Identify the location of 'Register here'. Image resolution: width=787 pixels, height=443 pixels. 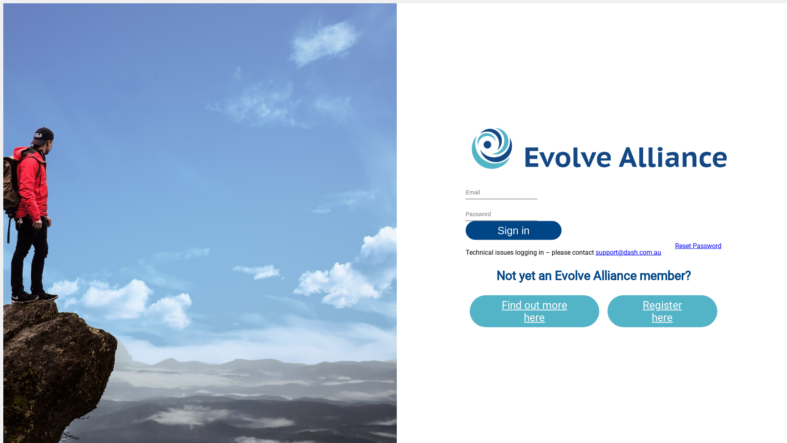
(662, 311).